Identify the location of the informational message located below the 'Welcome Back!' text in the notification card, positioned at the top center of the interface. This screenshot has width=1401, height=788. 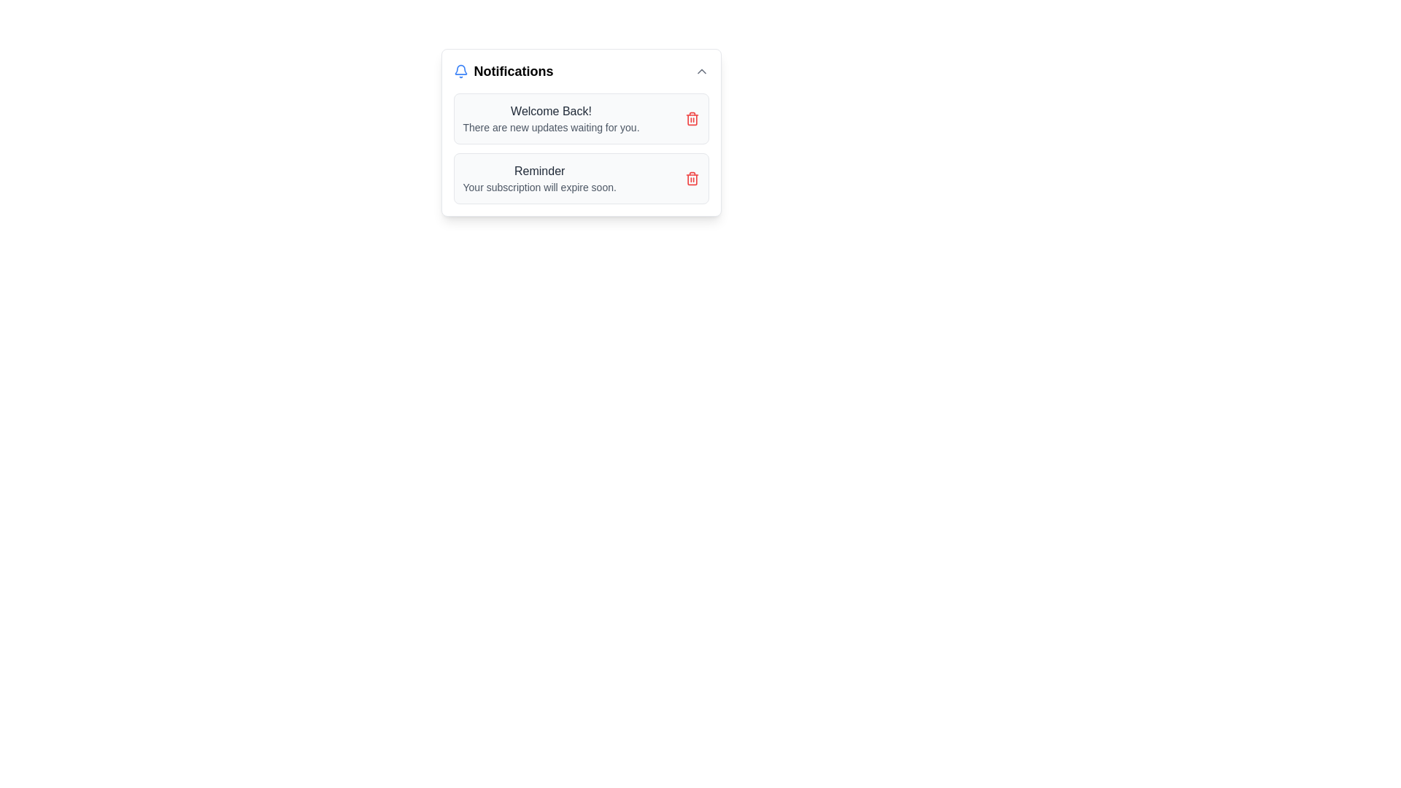
(550, 126).